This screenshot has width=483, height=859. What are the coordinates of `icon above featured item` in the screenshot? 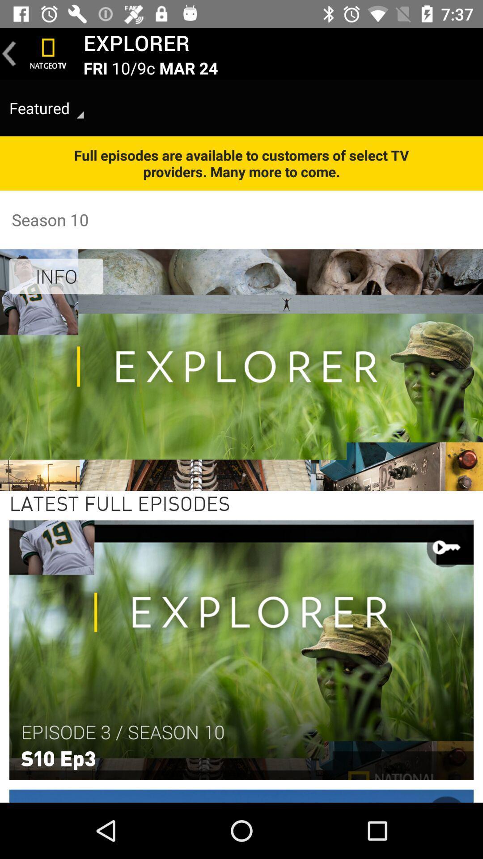 It's located at (48, 53).